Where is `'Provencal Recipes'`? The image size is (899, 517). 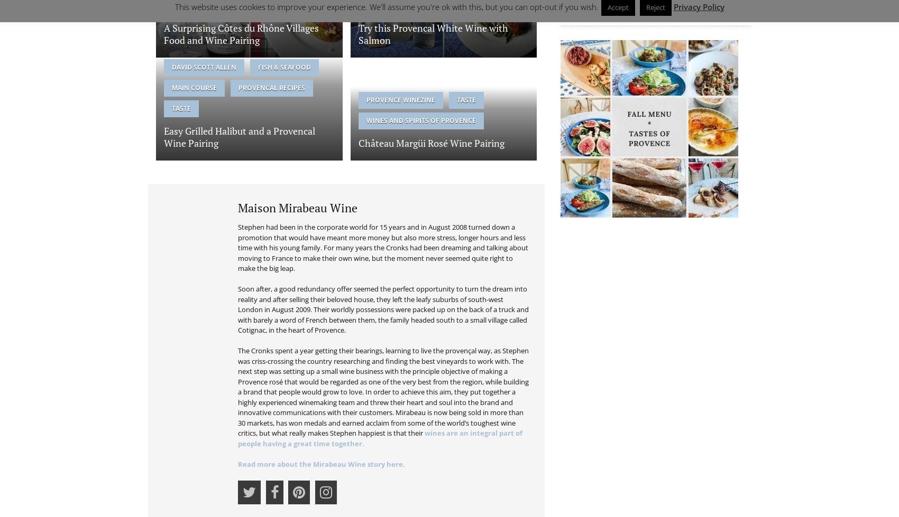
'Provencal Recipes' is located at coordinates (272, 87).